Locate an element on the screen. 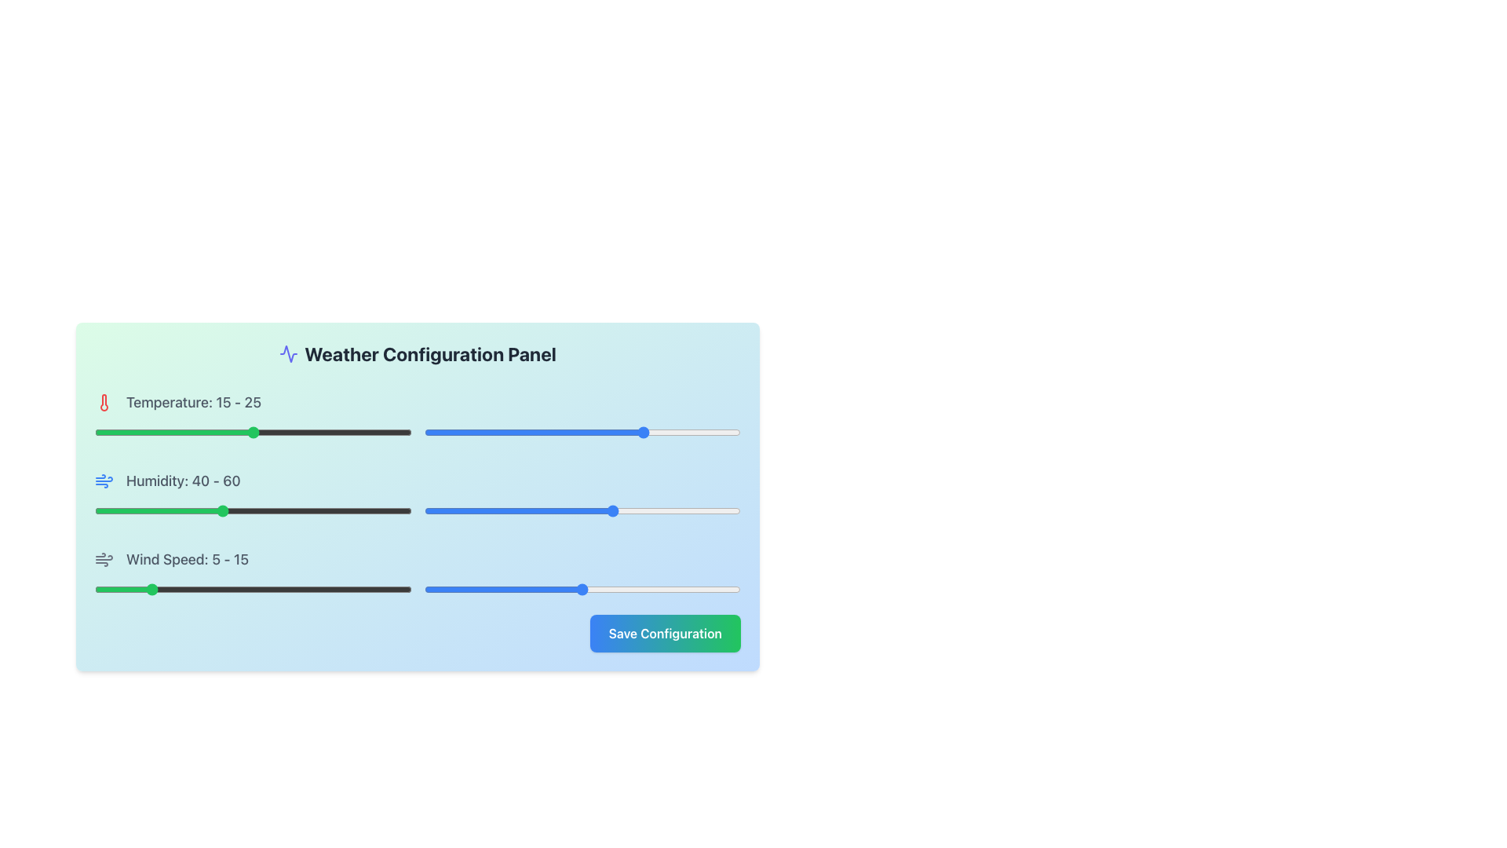 The image size is (1507, 848). the handle of the green slider, which is the left slider in the composite range slider component located beneath the 'Humidity: 40 - 60' heading is located at coordinates (418, 511).